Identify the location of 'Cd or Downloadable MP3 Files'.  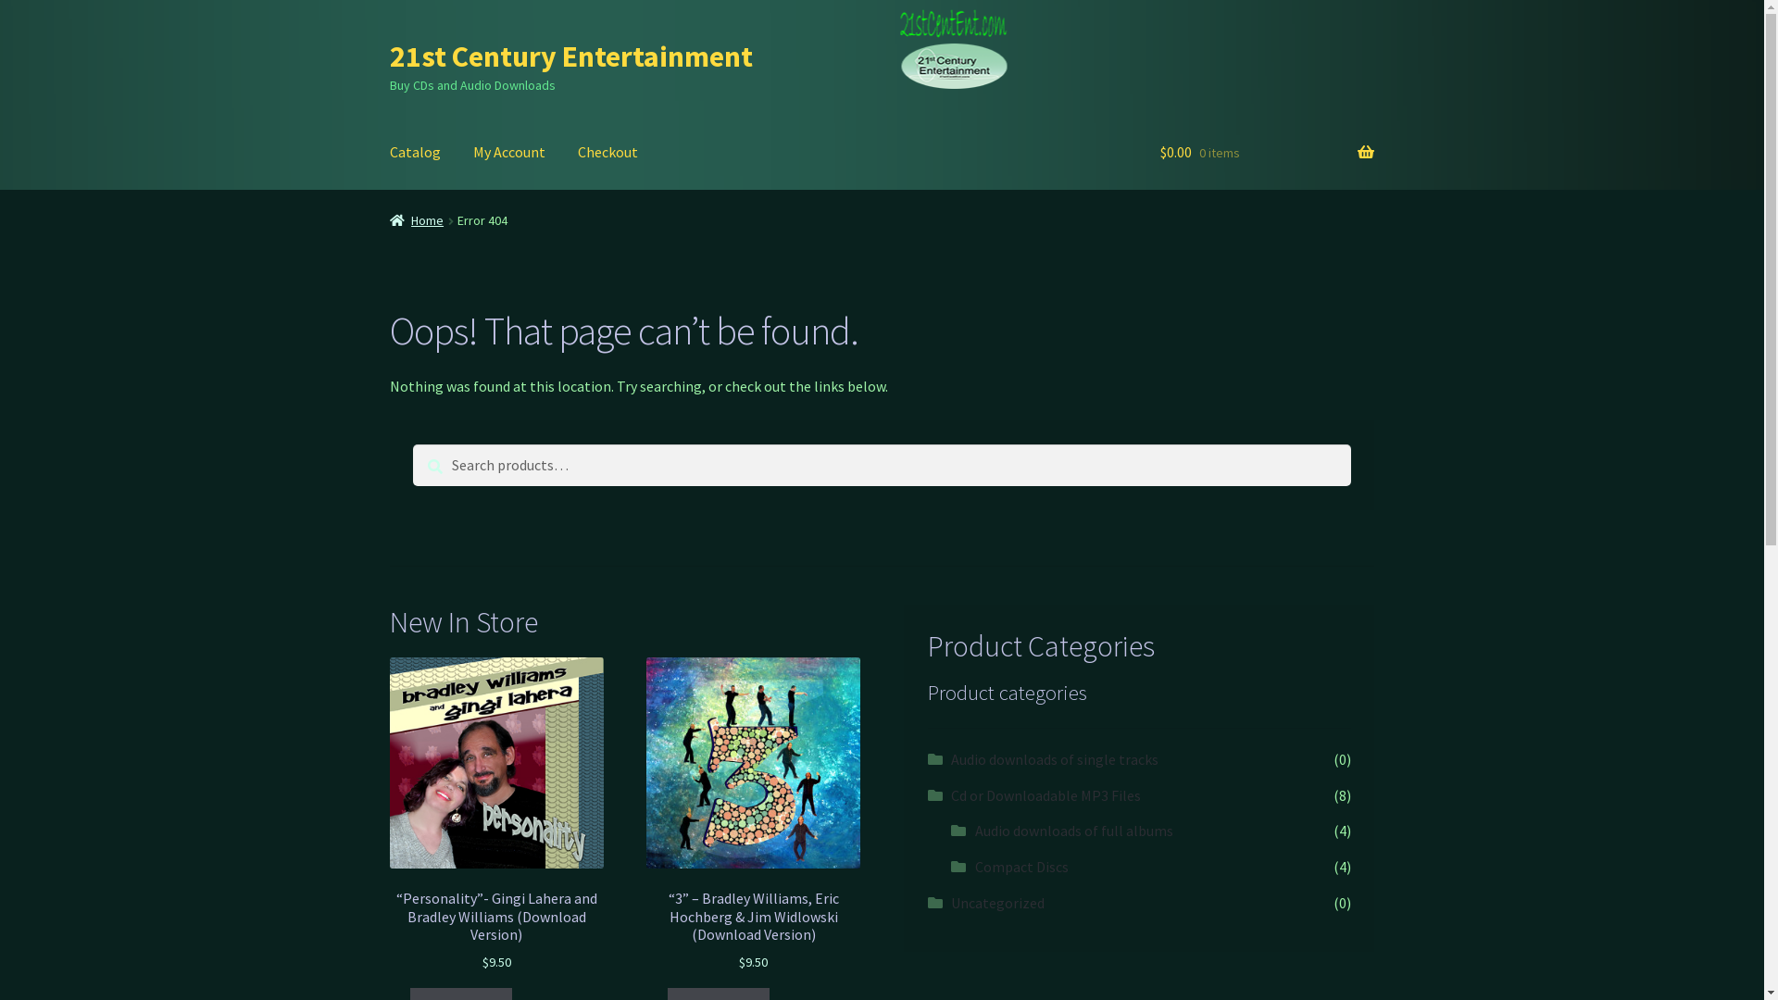
(951, 794).